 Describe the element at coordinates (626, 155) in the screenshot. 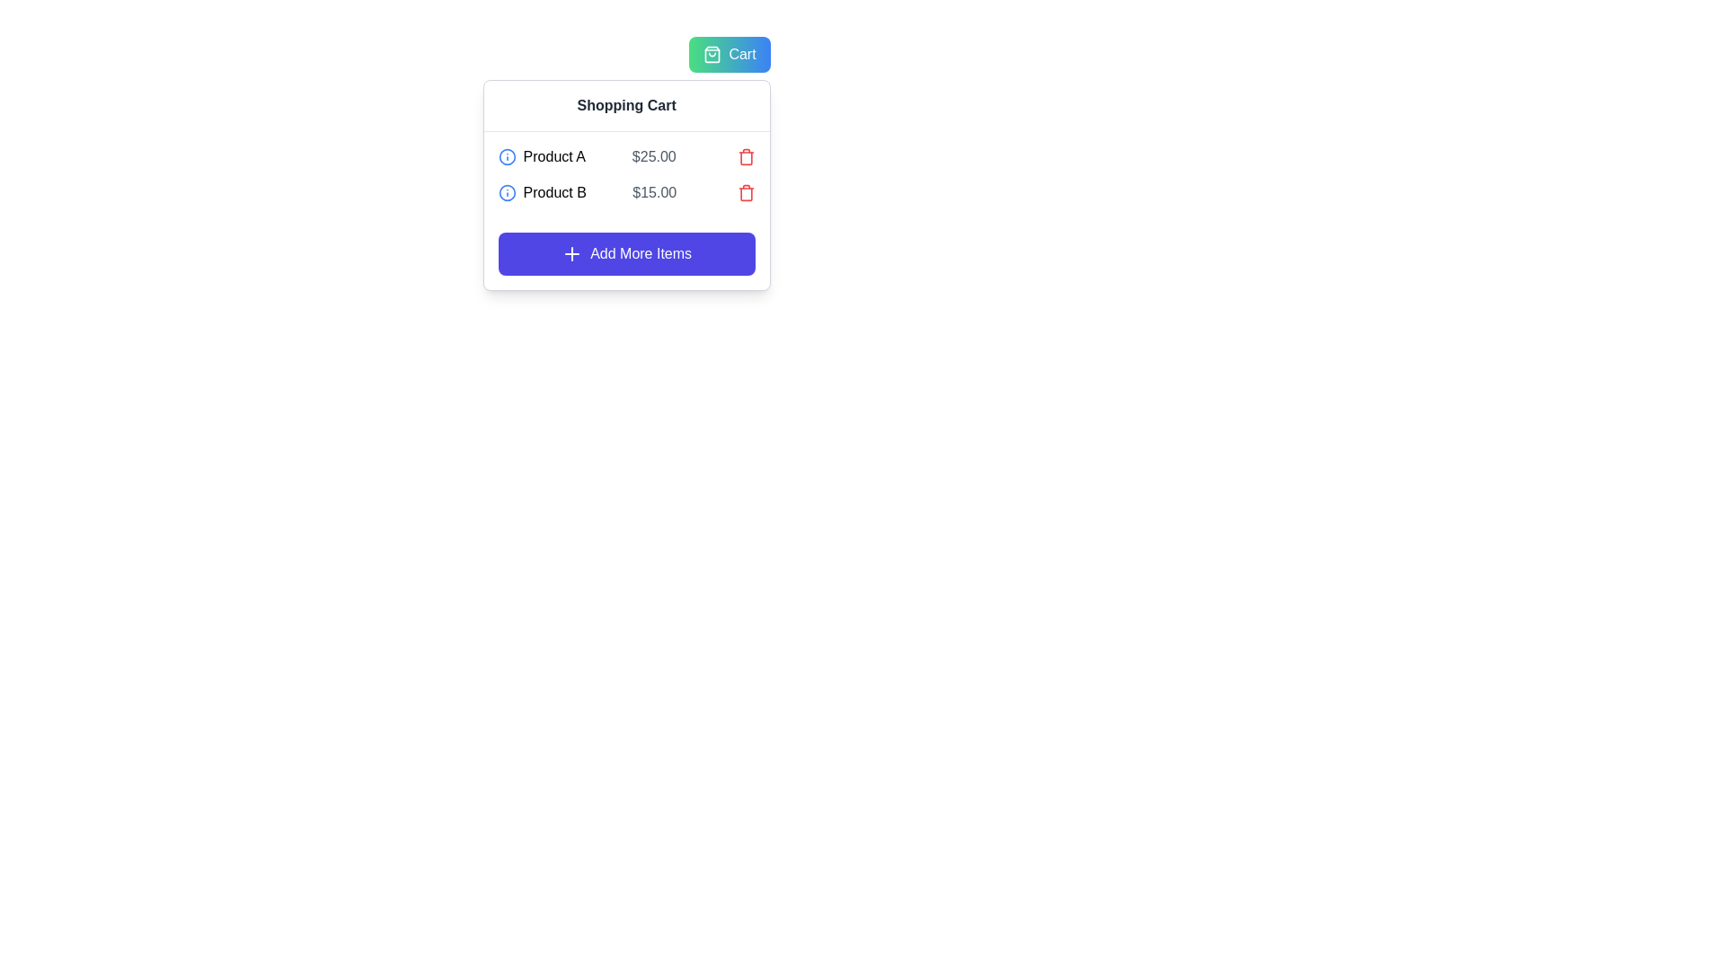

I see `the first row of the shopping cart list item displaying 'Product A' priced at $25.00` at that location.